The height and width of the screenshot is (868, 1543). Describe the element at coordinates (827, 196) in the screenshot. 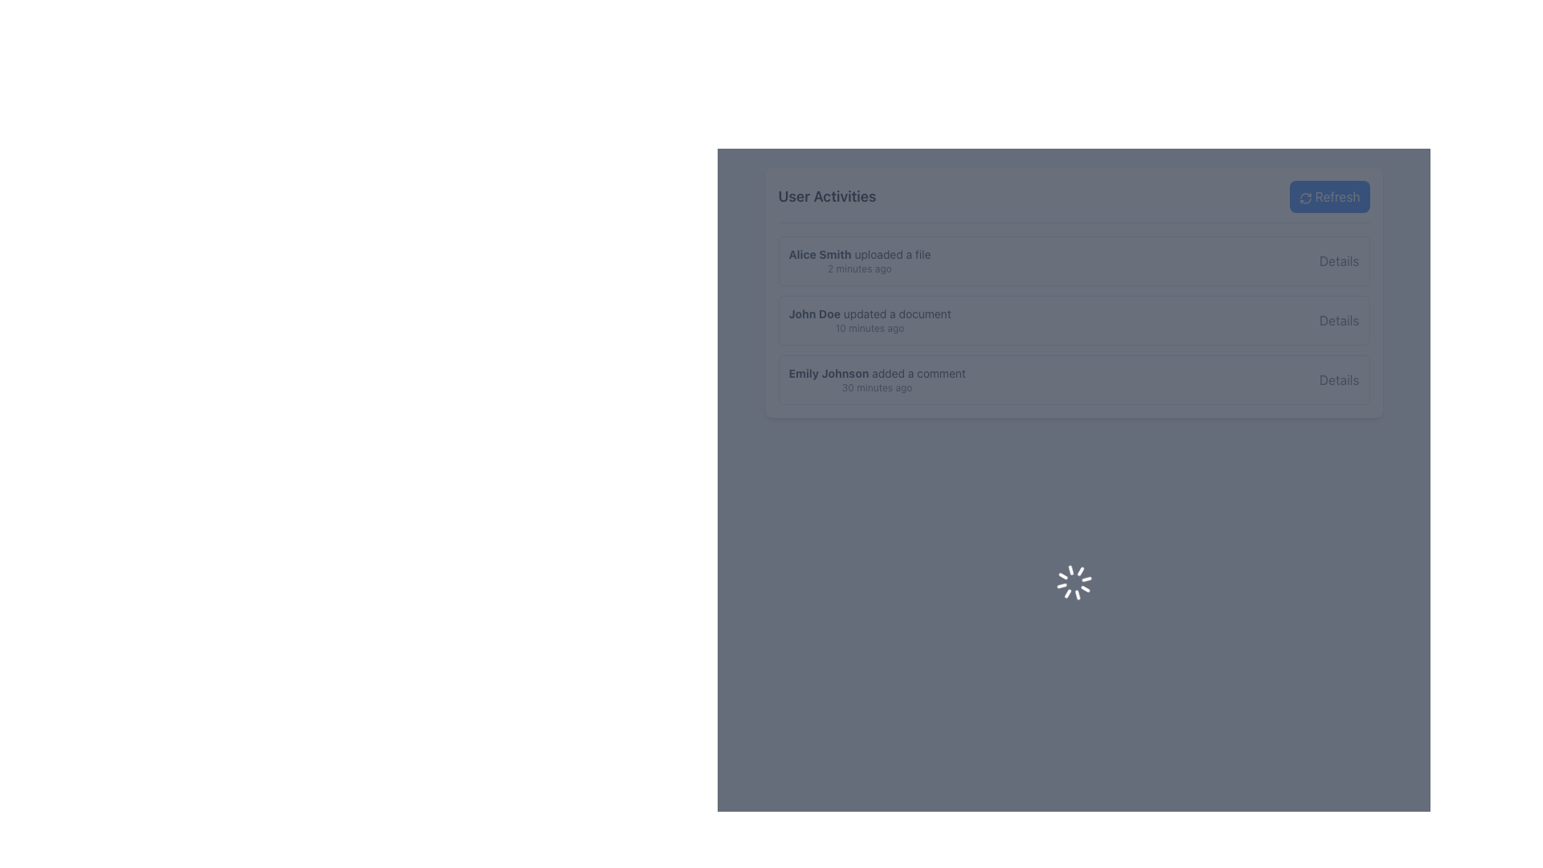

I see `the Text Label that serves as a header indicating the content or purpose of the section for user activities or logs` at that location.